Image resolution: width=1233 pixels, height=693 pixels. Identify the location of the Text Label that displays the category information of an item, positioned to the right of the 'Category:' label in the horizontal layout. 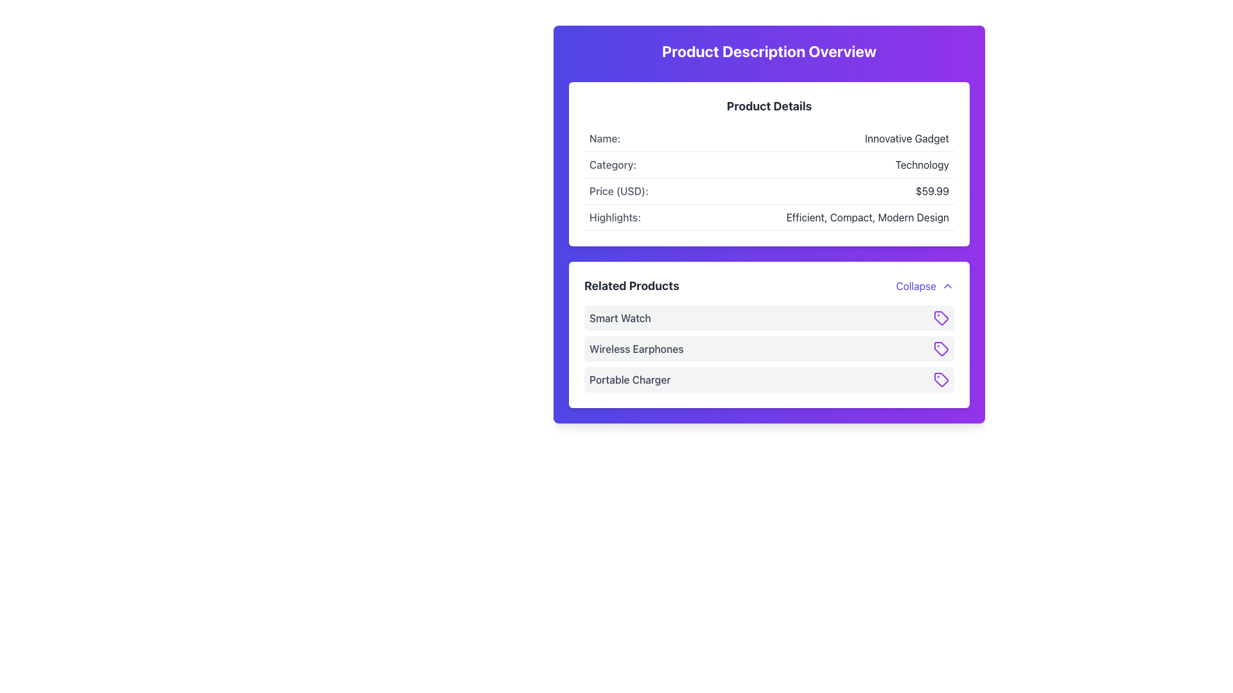
(922, 164).